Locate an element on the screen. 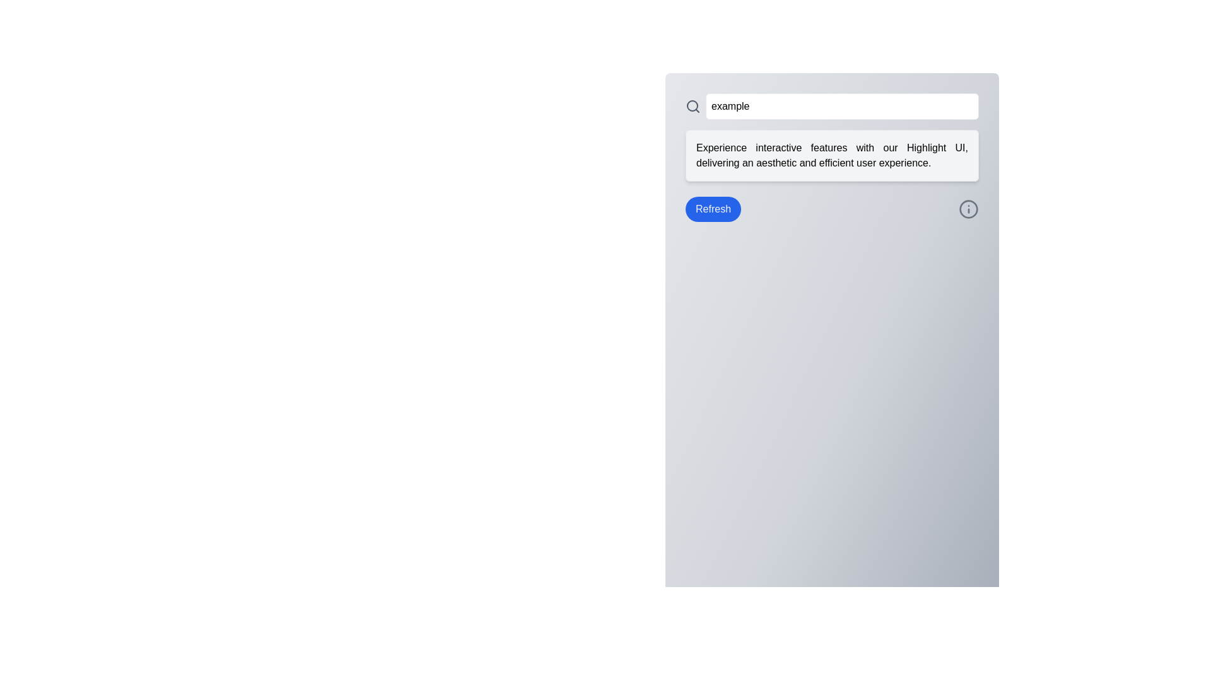  the 'Refresh' button, which is a pill-shaped button with white text on a blue background is located at coordinates (713, 208).